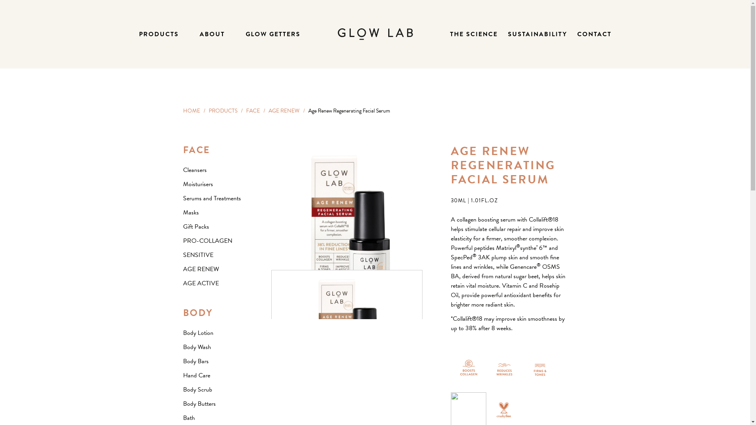  What do you see at coordinates (594, 34) in the screenshot?
I see `'CONTACT'` at bounding box center [594, 34].